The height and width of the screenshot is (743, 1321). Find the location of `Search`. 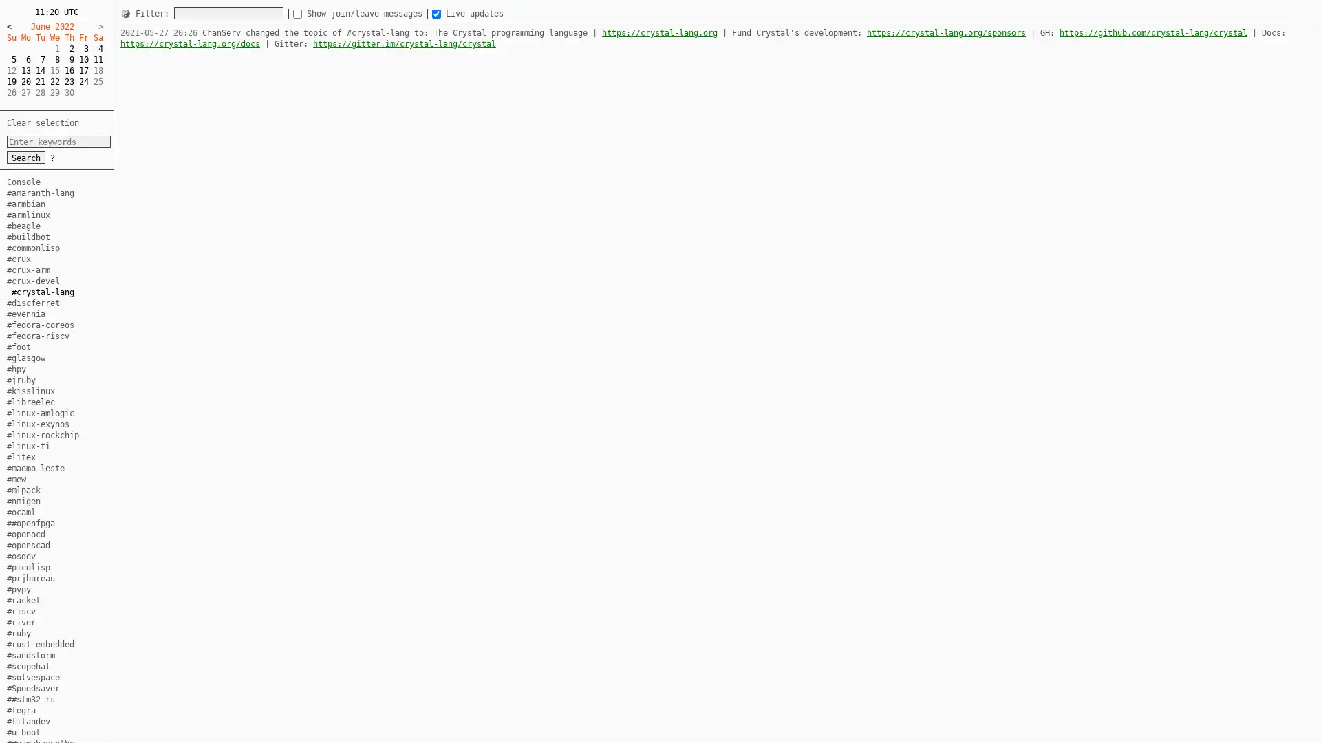

Search is located at coordinates (26, 156).